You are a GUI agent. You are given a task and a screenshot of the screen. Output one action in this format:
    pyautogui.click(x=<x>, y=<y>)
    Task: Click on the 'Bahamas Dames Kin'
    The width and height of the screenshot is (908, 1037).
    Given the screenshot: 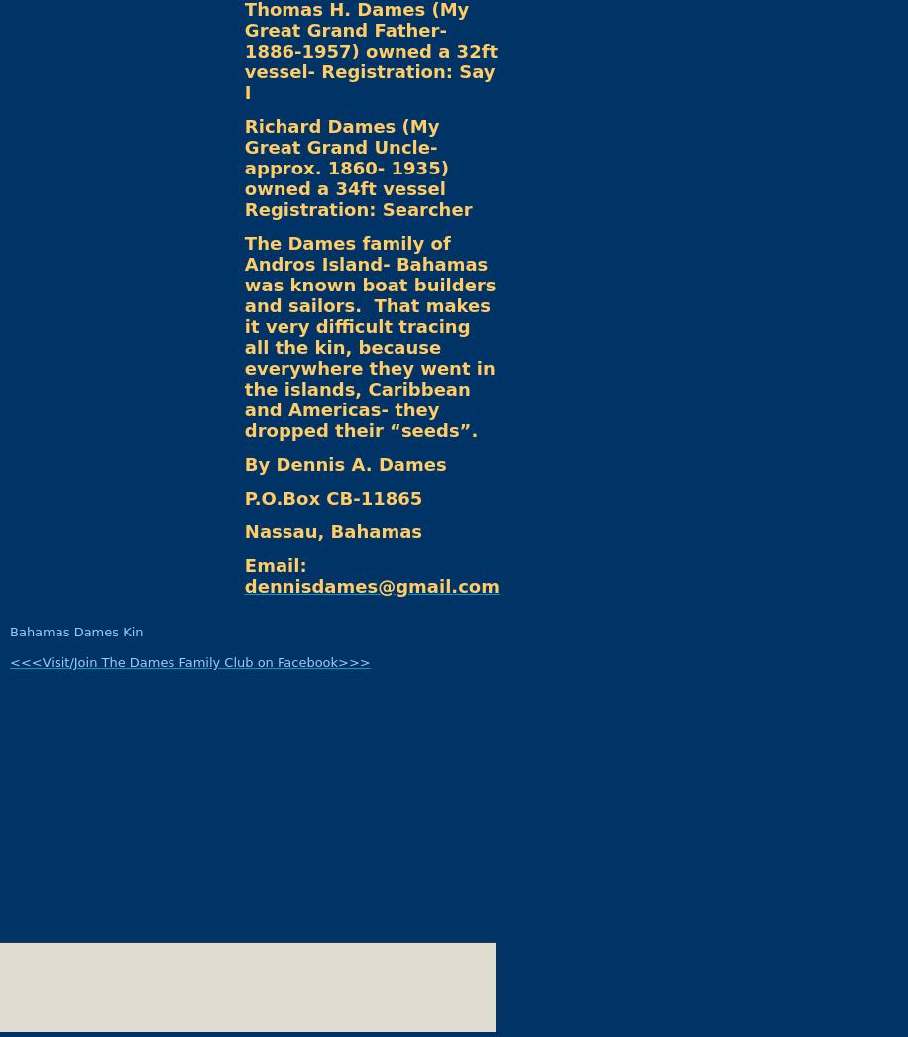 What is the action you would take?
    pyautogui.click(x=75, y=631)
    